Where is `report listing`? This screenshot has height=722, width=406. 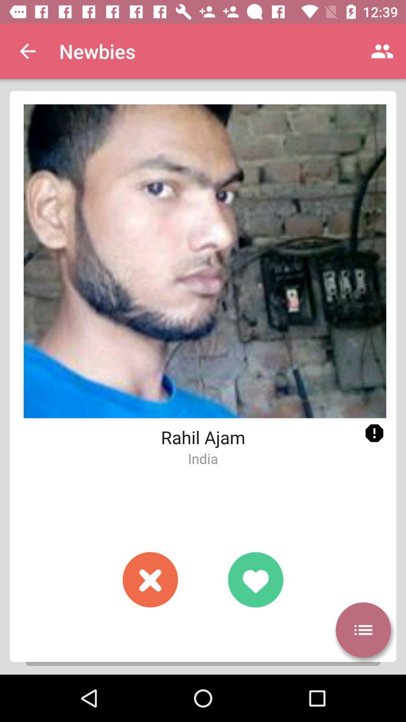
report listing is located at coordinates (374, 433).